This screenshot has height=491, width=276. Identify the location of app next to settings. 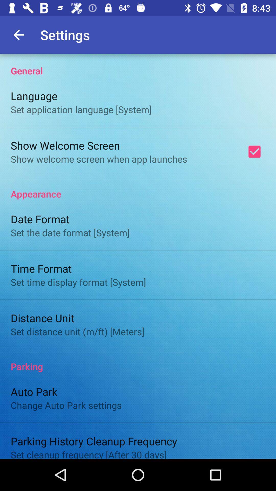
(18, 35).